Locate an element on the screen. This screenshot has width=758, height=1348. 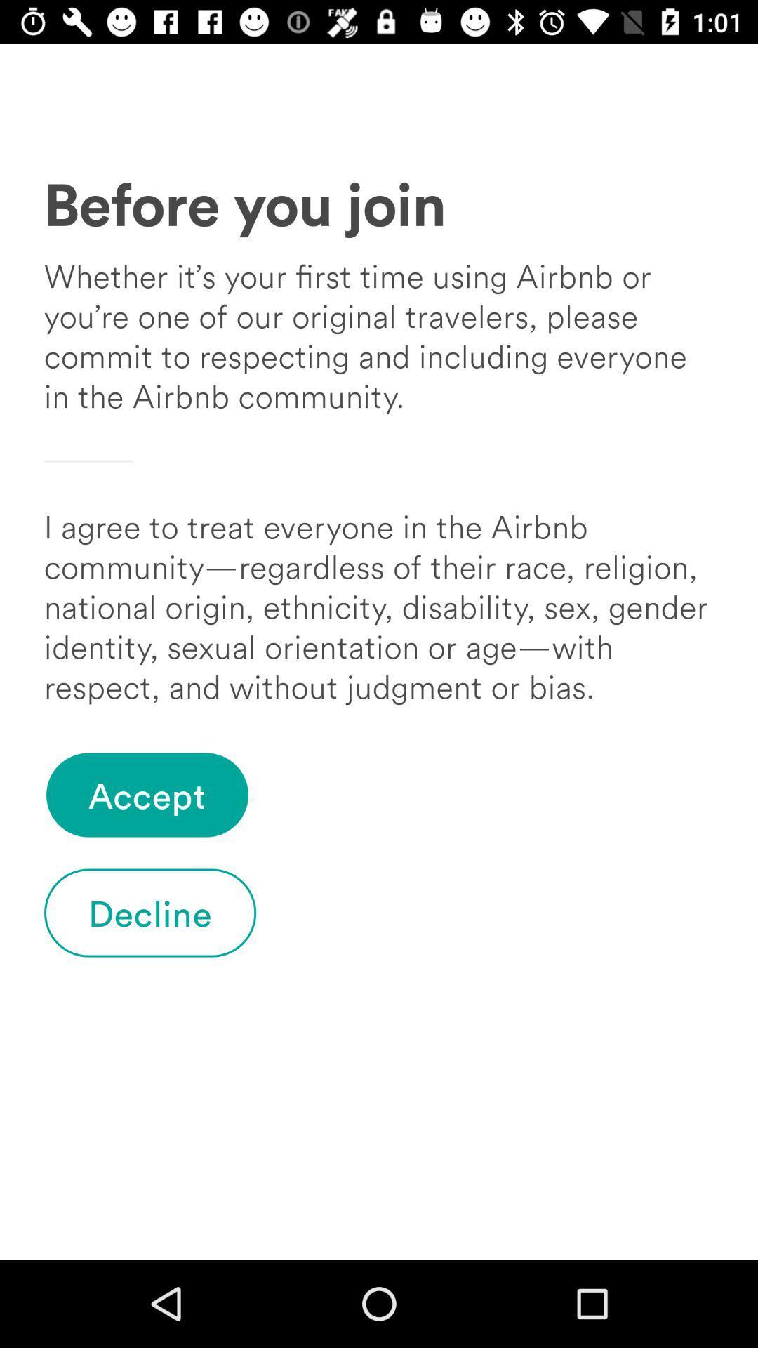
decline item is located at coordinates (150, 913).